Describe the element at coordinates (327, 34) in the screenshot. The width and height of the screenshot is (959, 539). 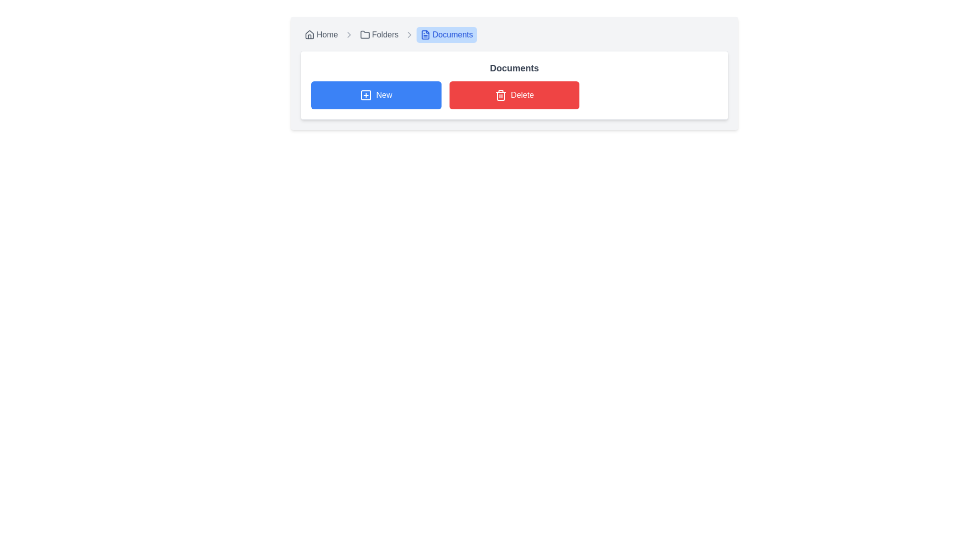
I see `the 'Home' text label in the breadcrumb navigation bar, which is positioned to the immediate right of the house icon` at that location.